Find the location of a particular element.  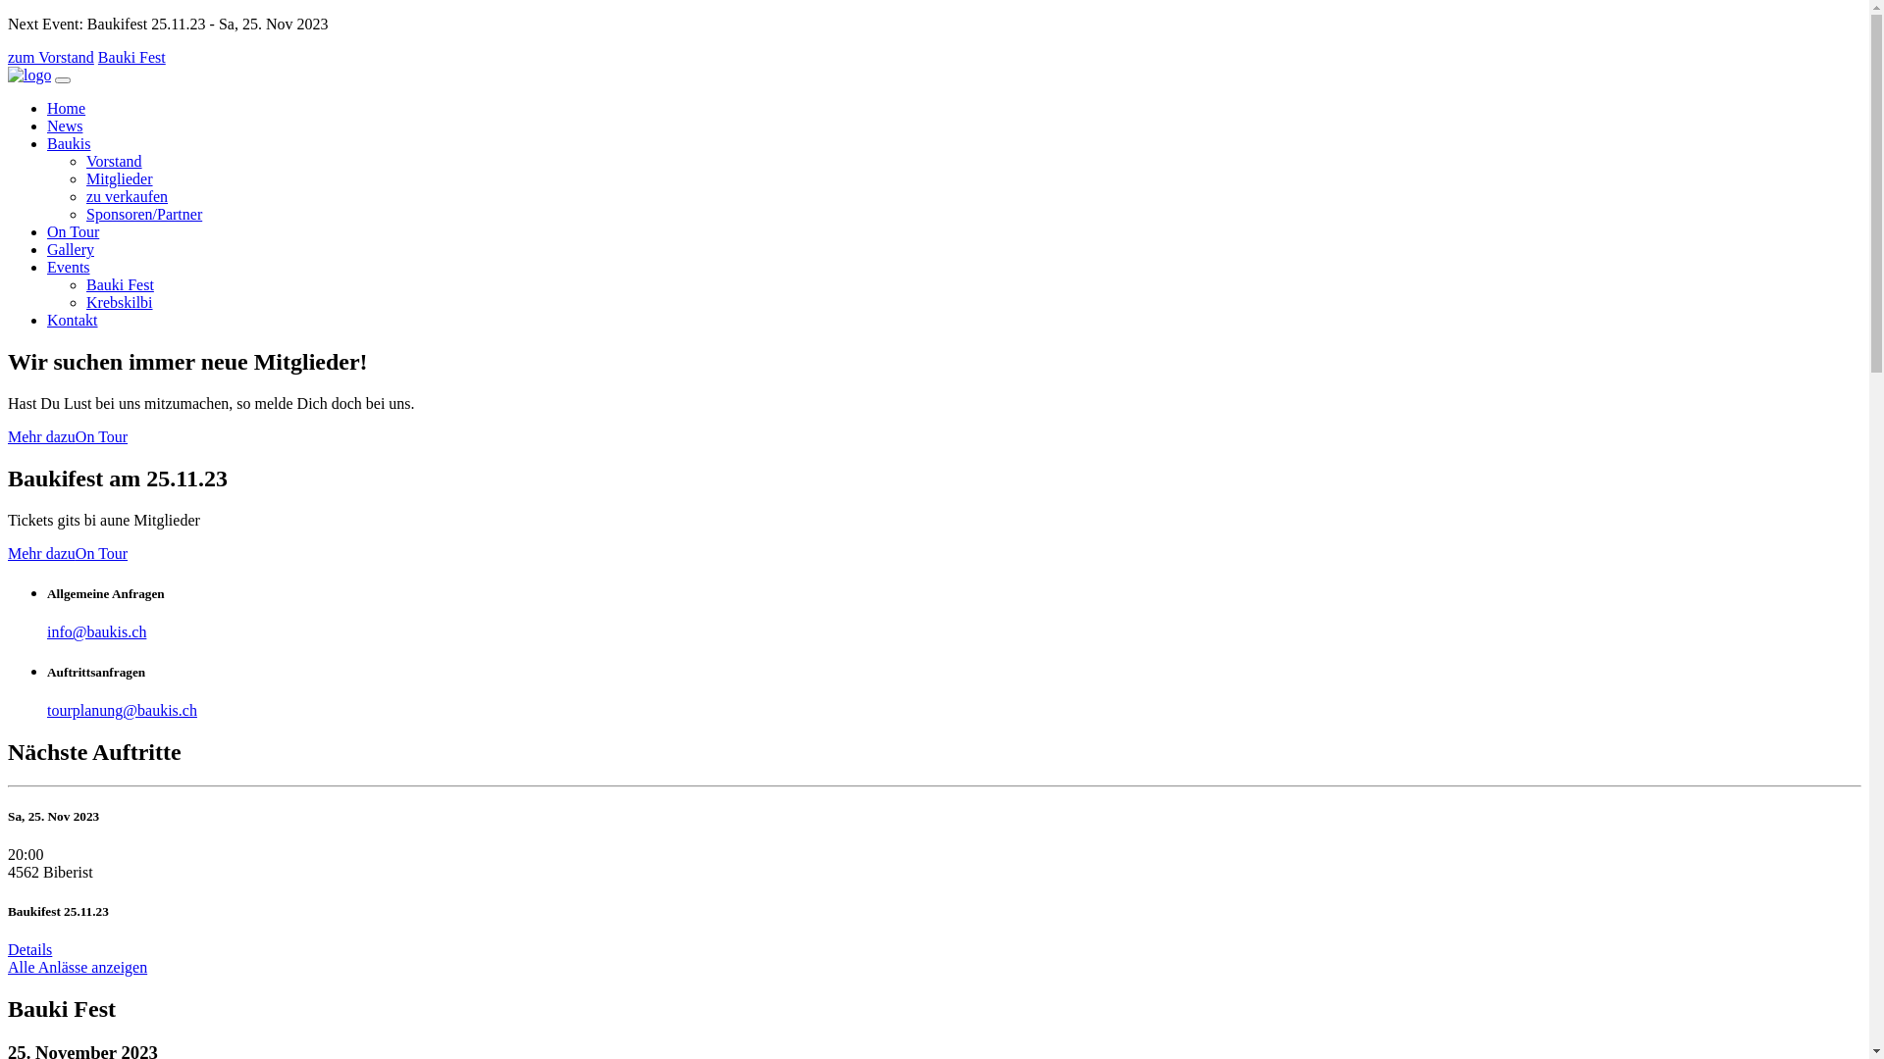

'Details' is located at coordinates (29, 948).